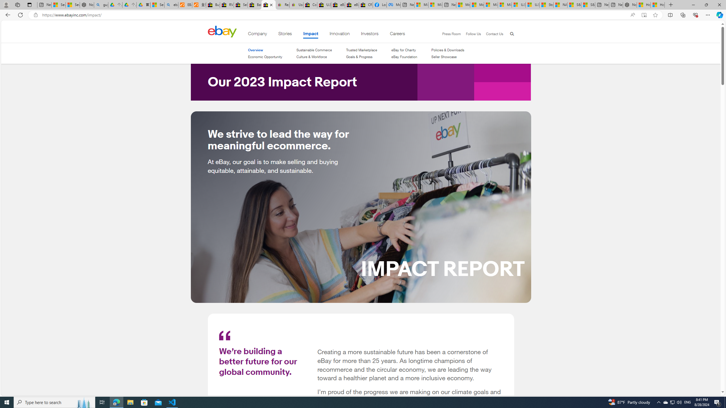  Describe the element at coordinates (379, 5) in the screenshot. I see `'Log into Facebook'` at that location.